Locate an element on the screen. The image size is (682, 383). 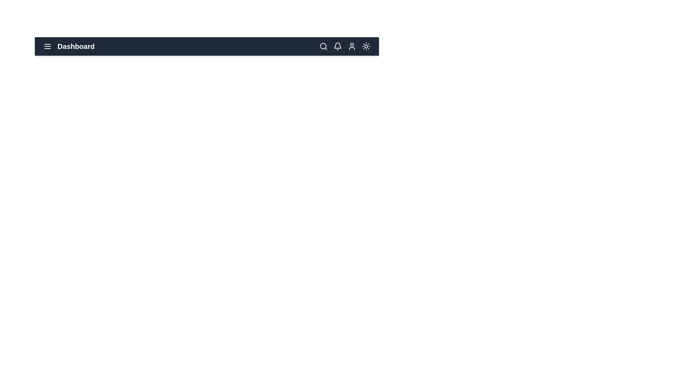
the magnifying glass icon to activate the search functionality is located at coordinates (323, 46).